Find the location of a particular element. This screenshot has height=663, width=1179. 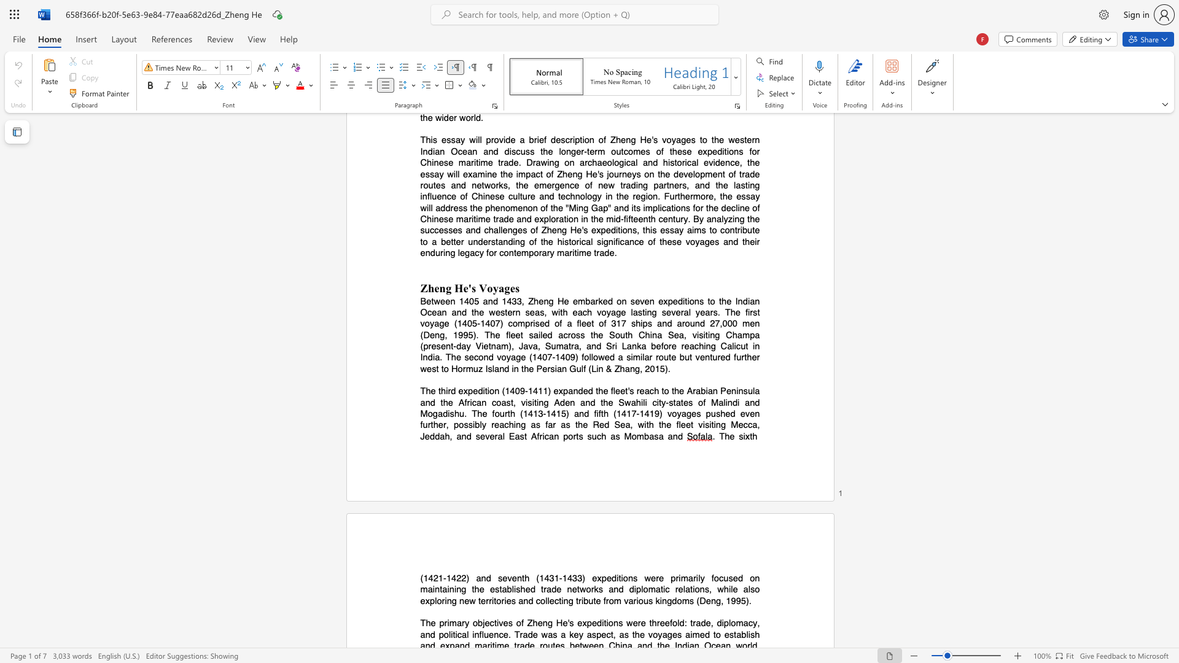

the space between the continuous character "r" and "e" in the text is located at coordinates (494, 424).